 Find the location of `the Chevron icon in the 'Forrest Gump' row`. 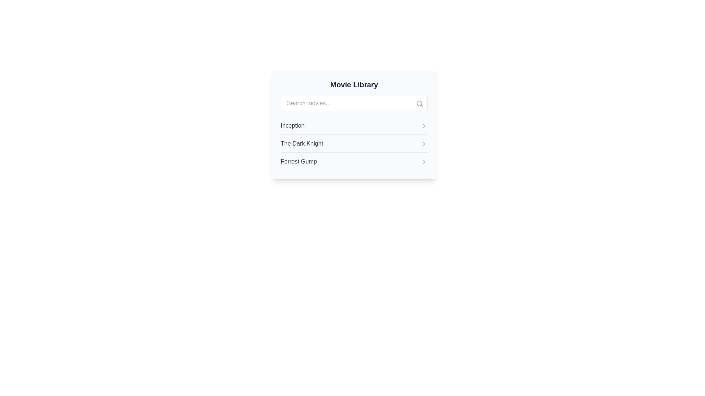

the Chevron icon in the 'Forrest Gump' row is located at coordinates (424, 161).